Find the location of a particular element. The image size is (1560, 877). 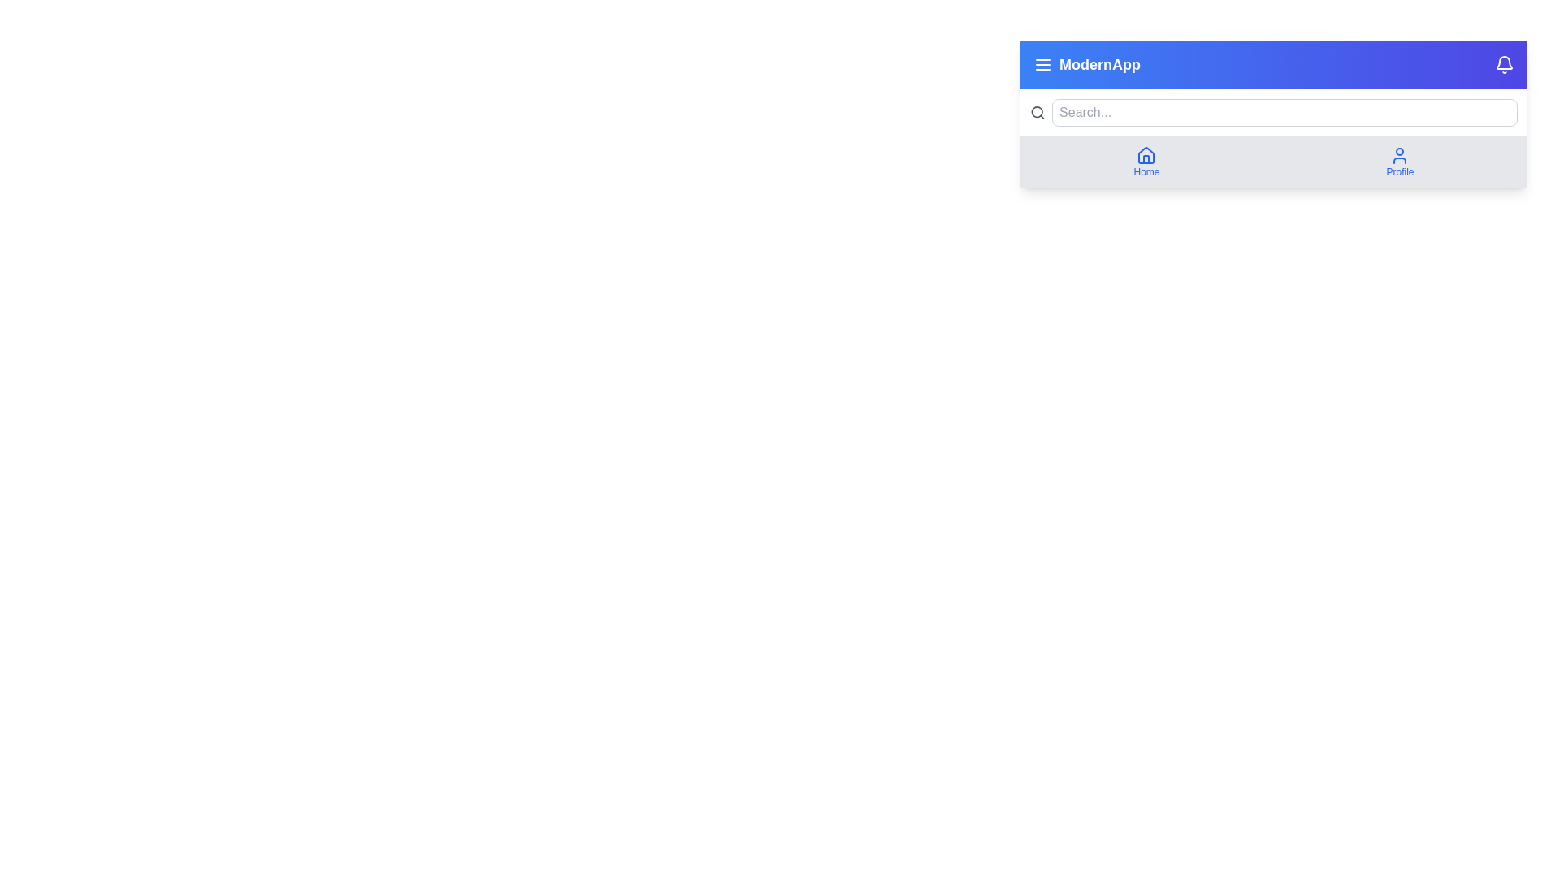

the 'Home' icon in the navigation panel is located at coordinates (1146, 156).